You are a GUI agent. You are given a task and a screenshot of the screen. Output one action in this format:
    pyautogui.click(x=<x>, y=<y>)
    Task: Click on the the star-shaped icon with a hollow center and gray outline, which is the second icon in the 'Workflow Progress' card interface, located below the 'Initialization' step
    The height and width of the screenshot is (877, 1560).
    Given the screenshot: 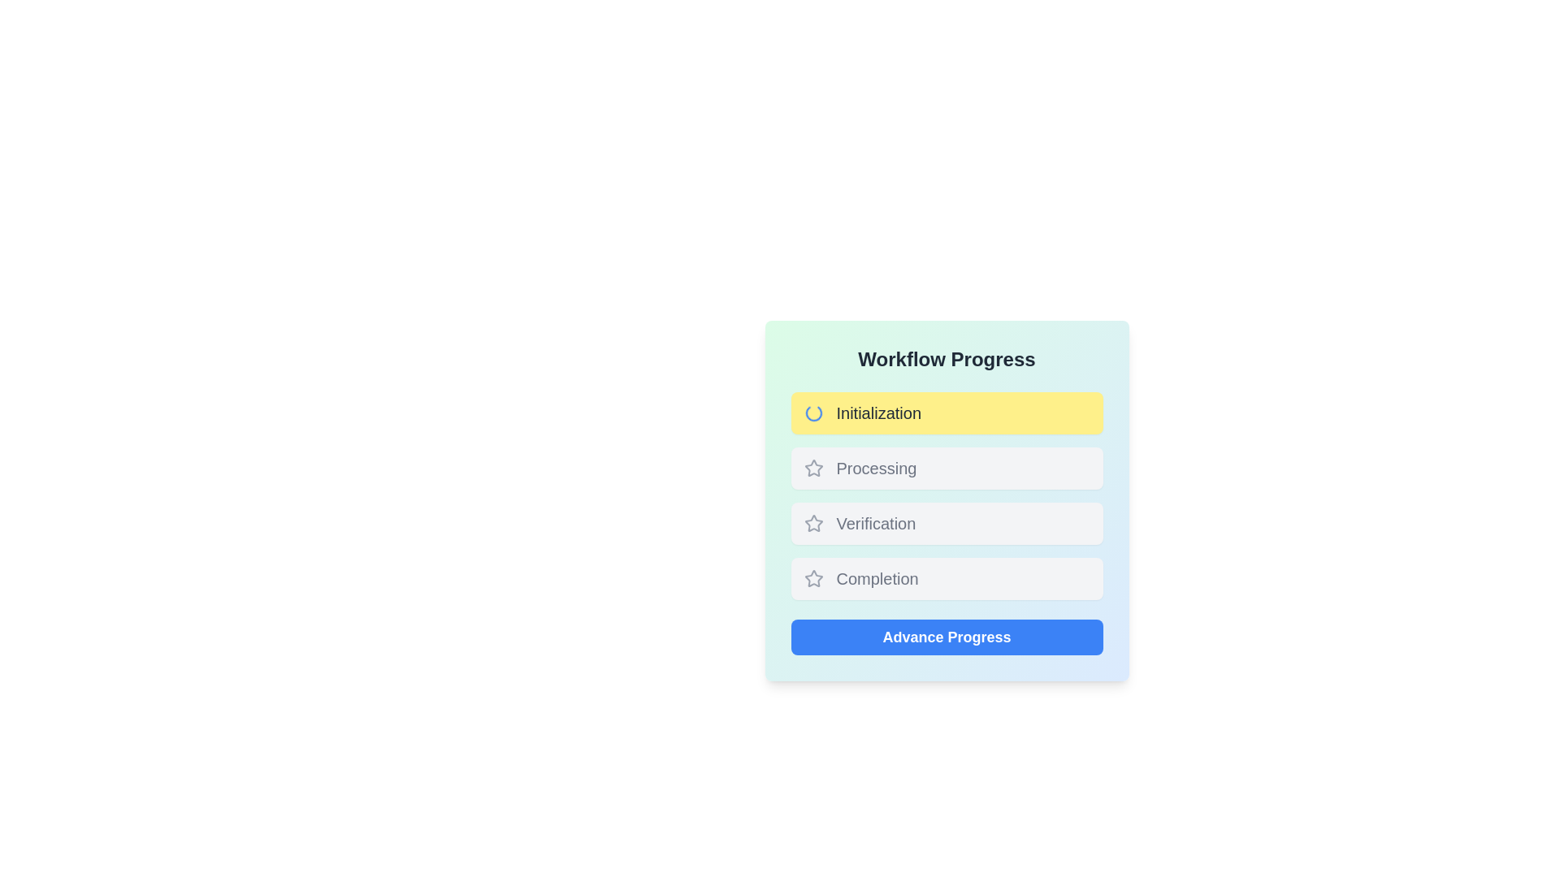 What is the action you would take?
    pyautogui.click(x=813, y=468)
    